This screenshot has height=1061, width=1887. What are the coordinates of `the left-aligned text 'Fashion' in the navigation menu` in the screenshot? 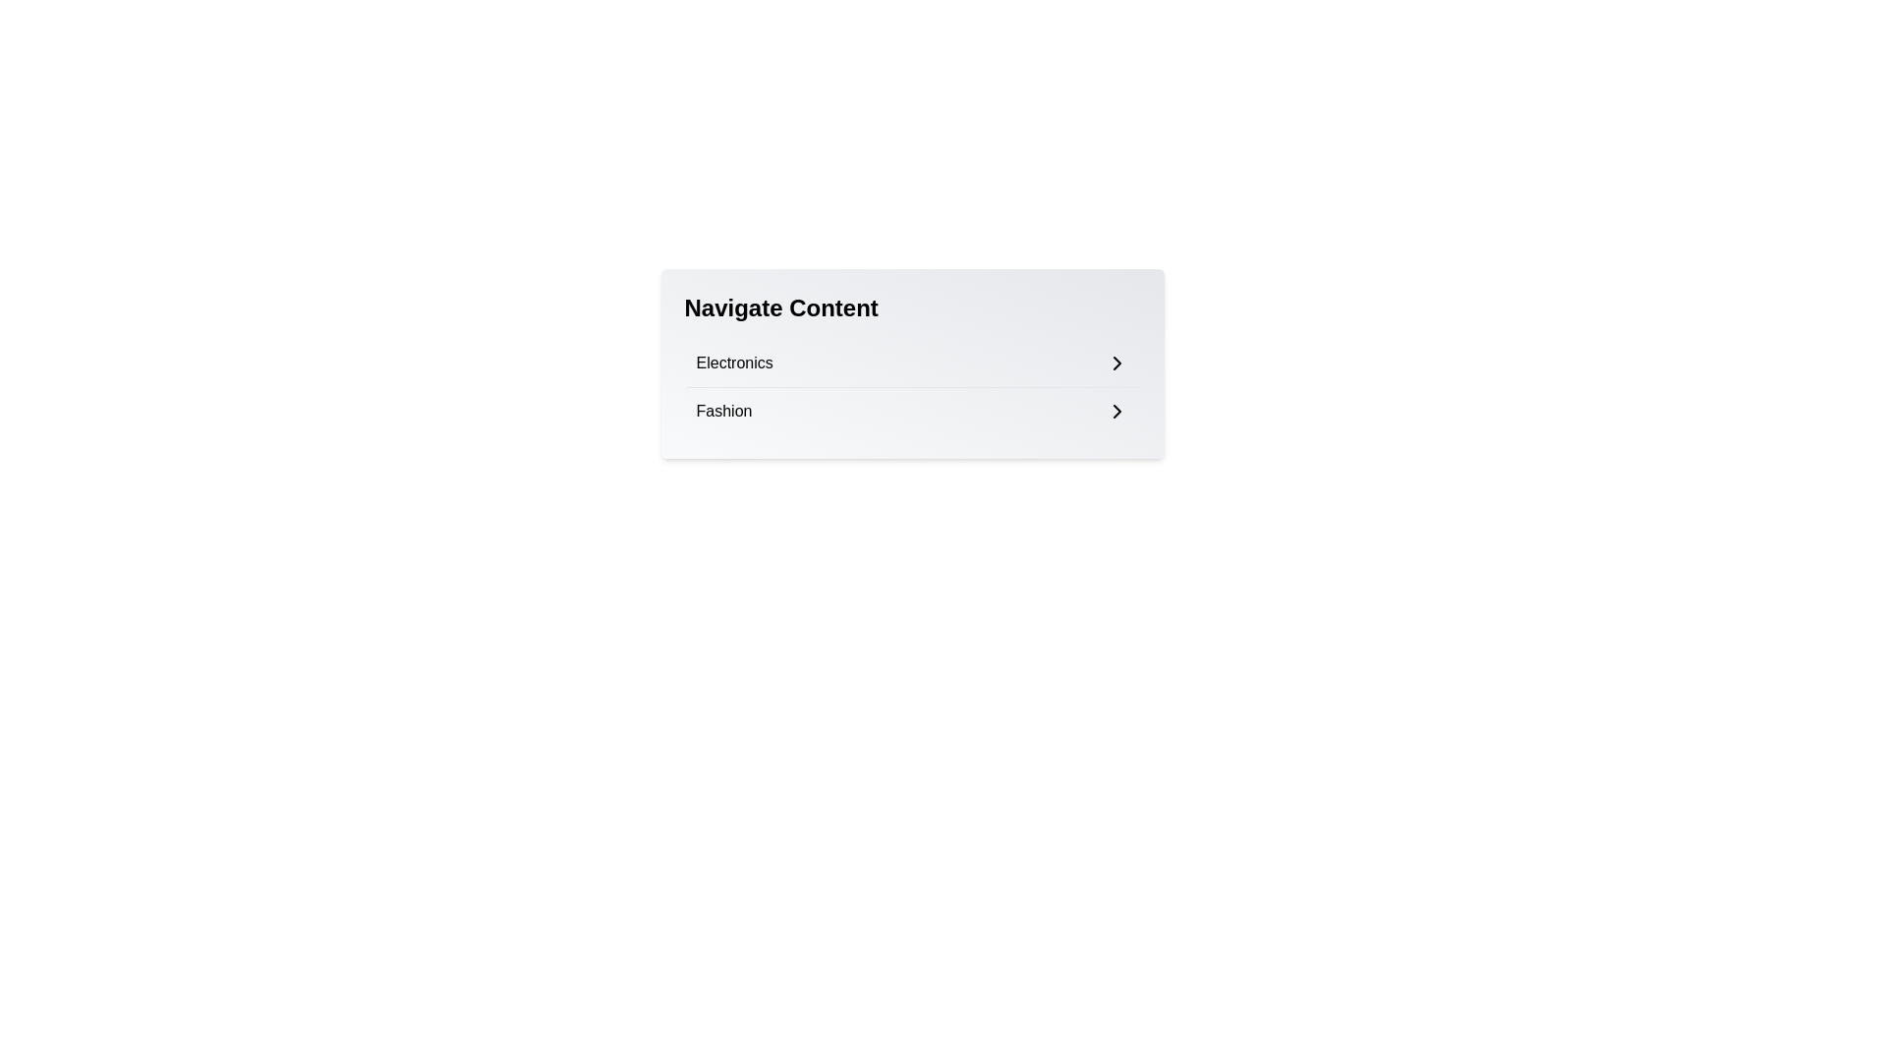 It's located at (722, 411).